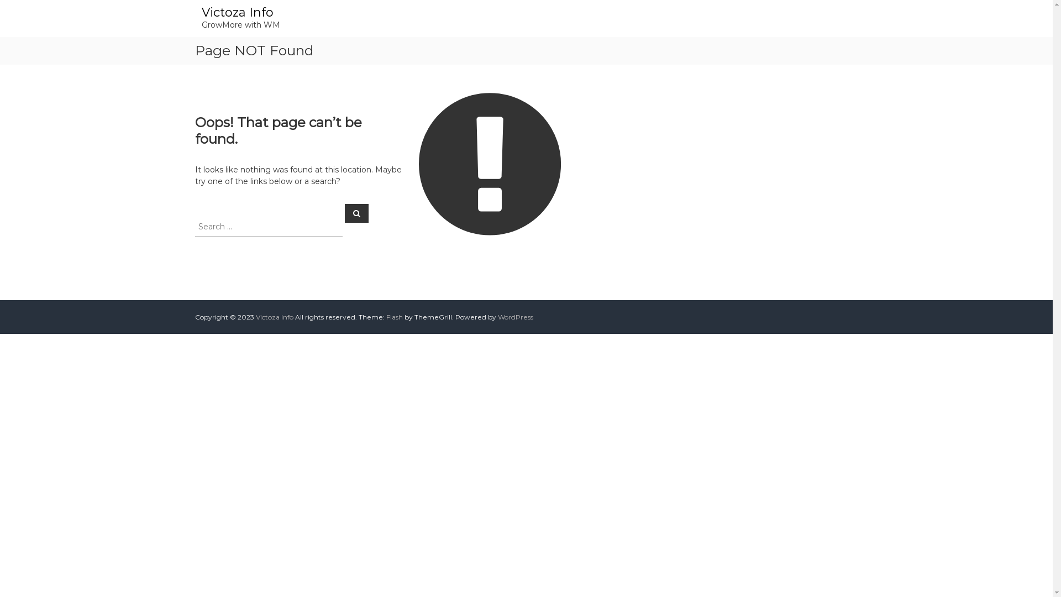 Image resolution: width=1061 pixels, height=597 pixels. What do you see at coordinates (514, 317) in the screenshot?
I see `'WordPress'` at bounding box center [514, 317].